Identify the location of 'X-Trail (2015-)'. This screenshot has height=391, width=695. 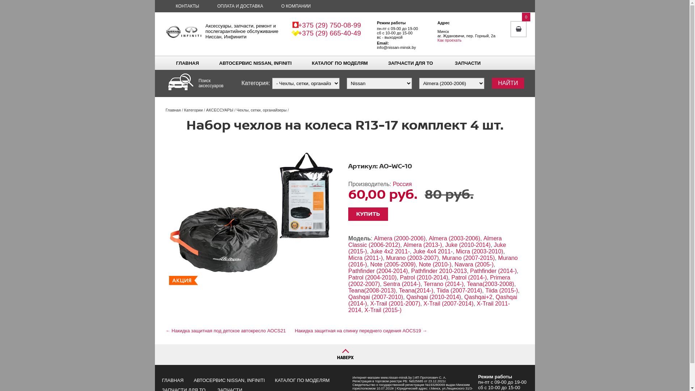
(383, 310).